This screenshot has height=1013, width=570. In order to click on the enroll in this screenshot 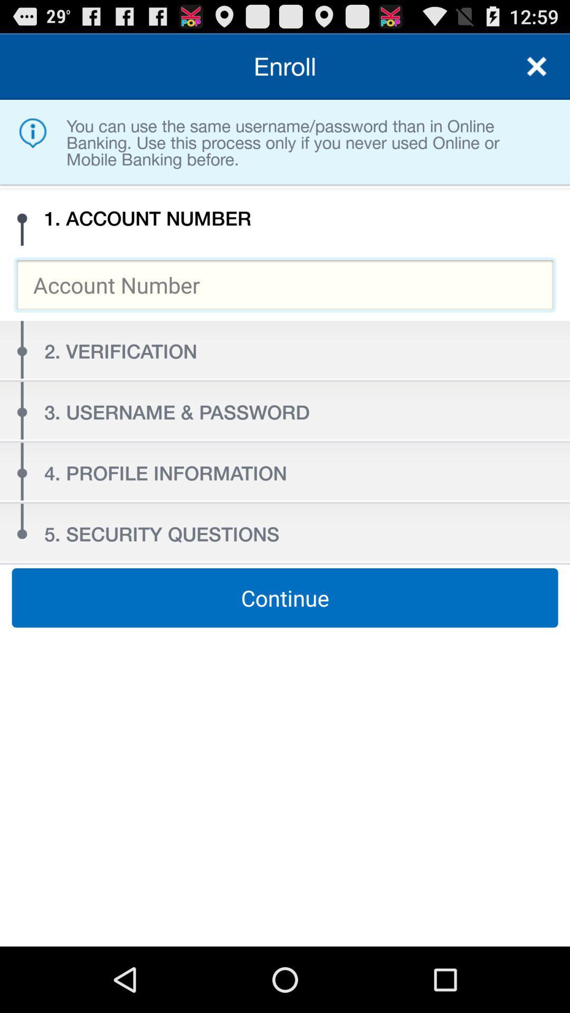, I will do `click(285, 65)`.